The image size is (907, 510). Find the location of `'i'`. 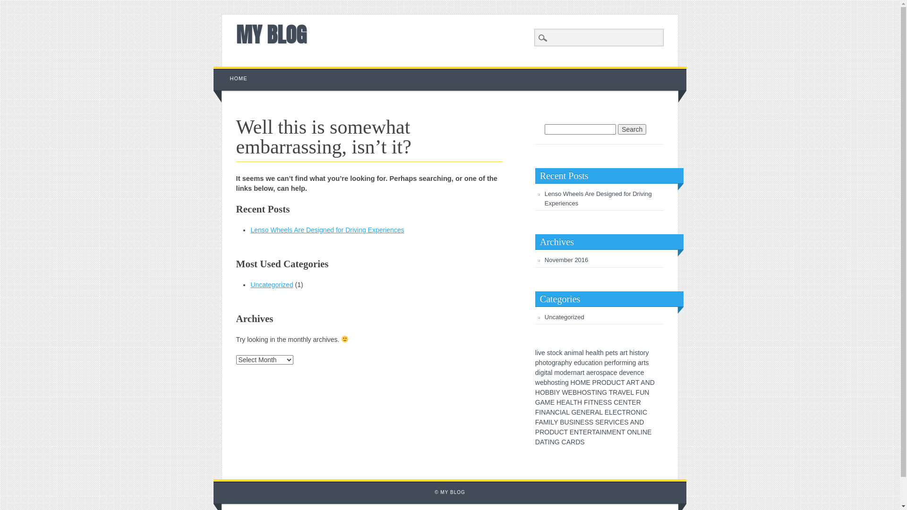

'i' is located at coordinates (572, 353).